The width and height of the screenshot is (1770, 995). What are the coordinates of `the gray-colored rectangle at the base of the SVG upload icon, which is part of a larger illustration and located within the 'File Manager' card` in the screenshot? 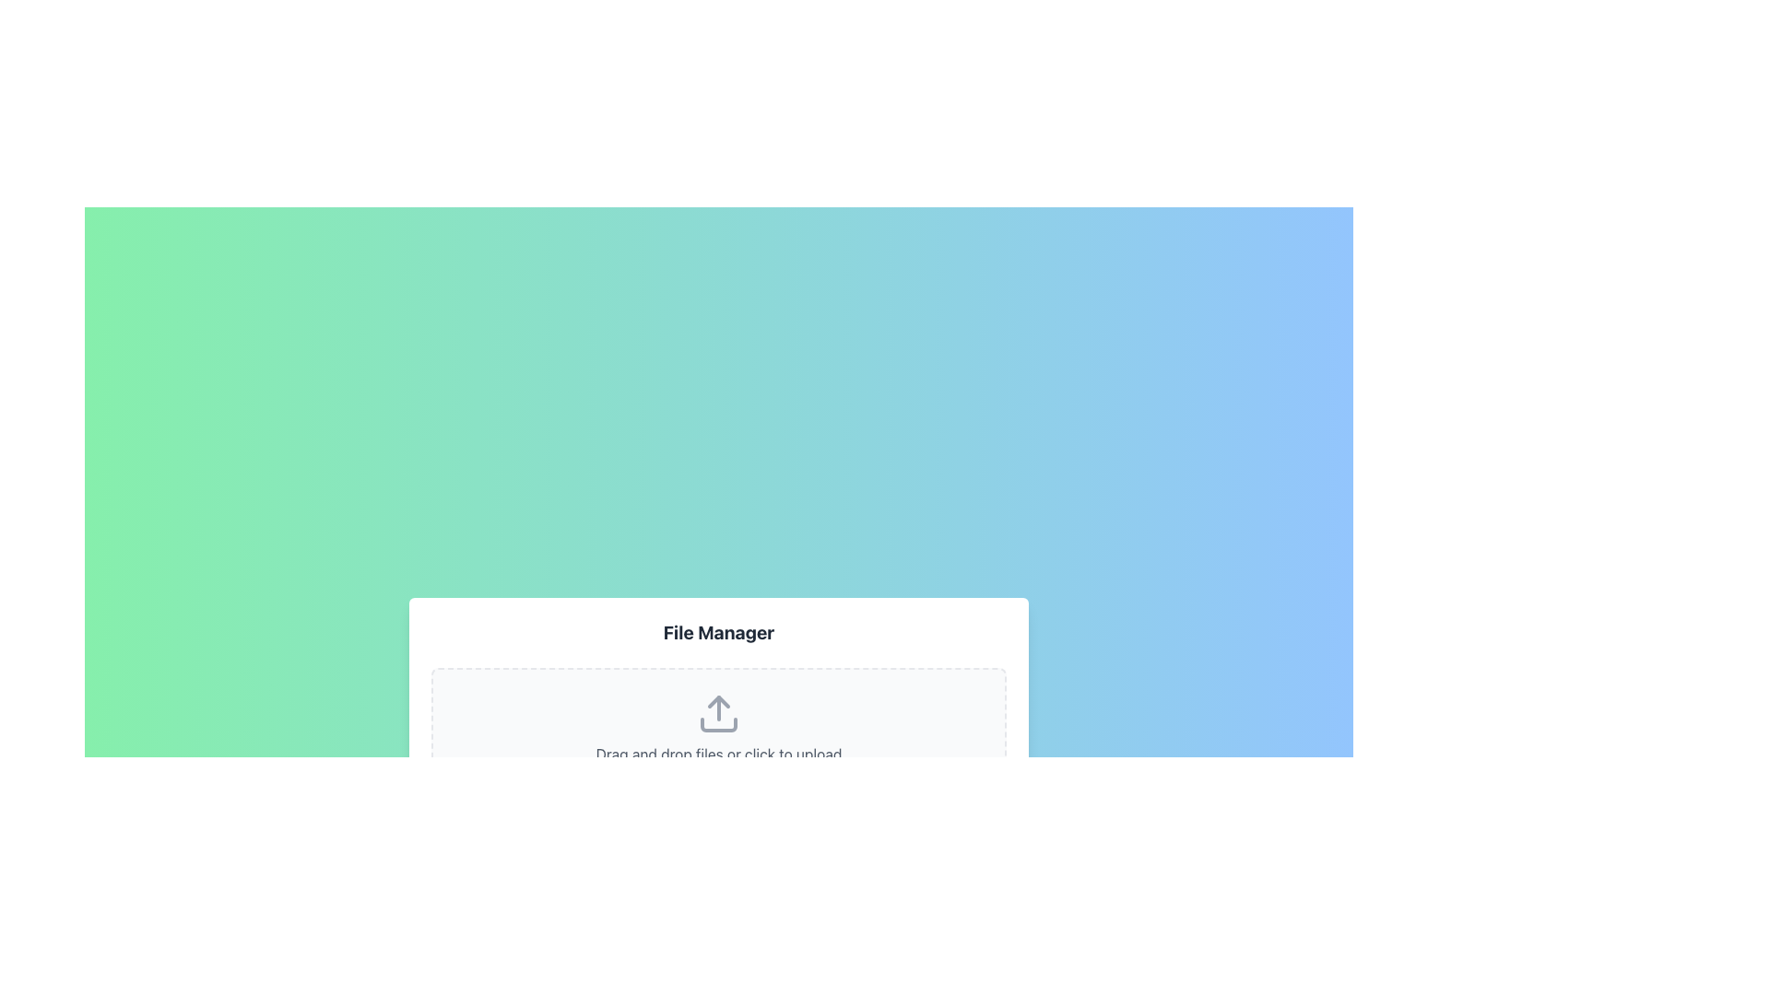 It's located at (717, 723).